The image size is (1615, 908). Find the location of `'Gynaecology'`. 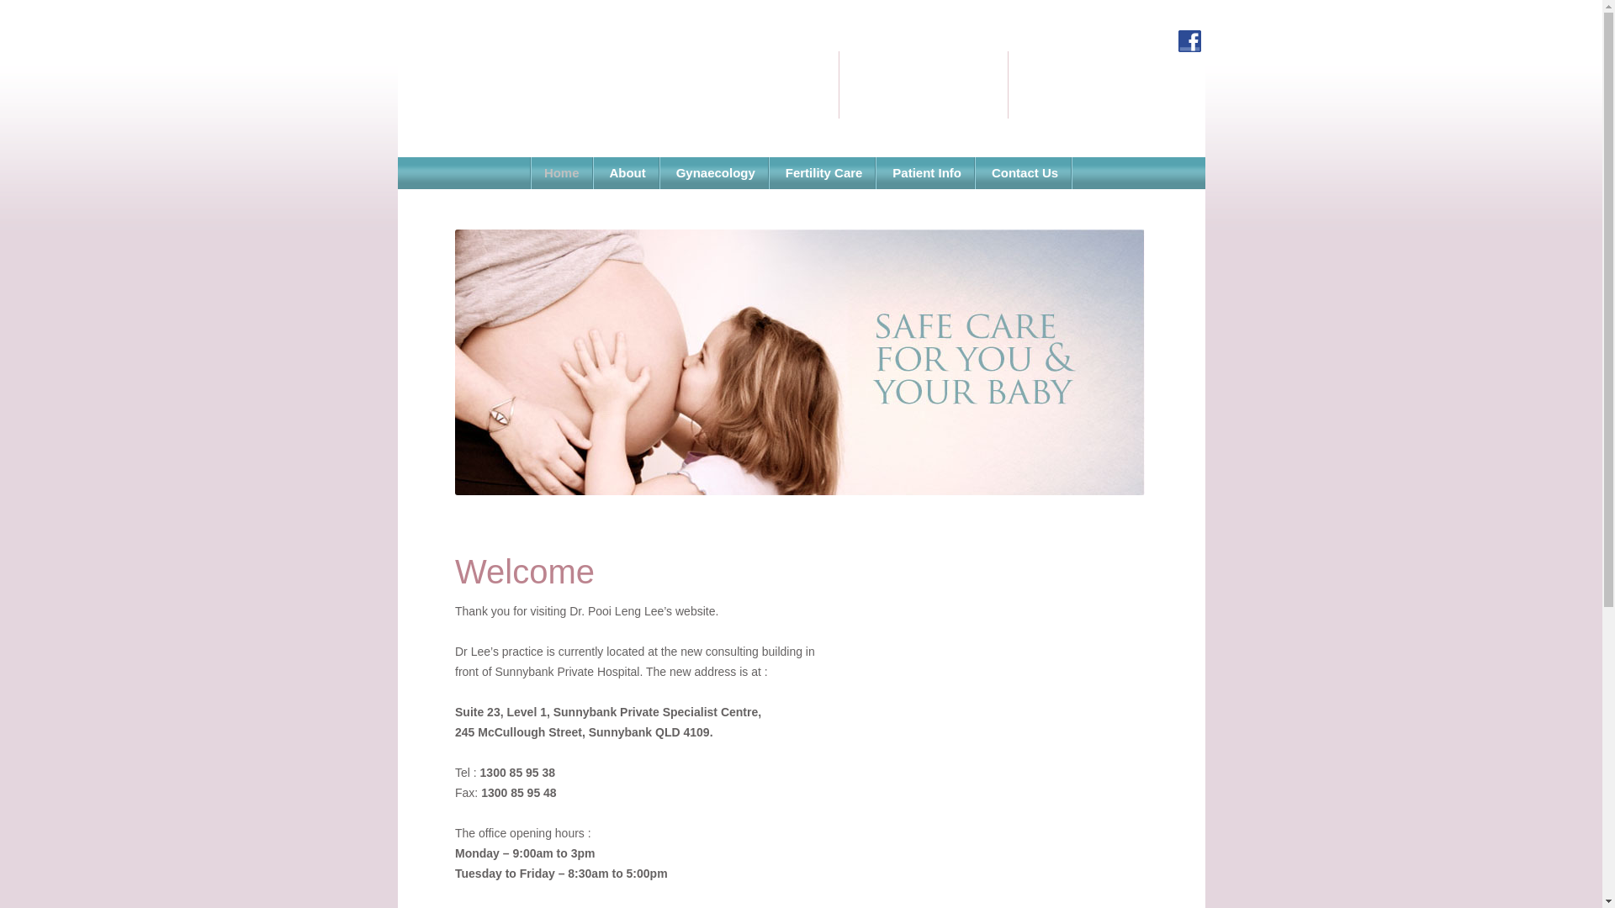

'Gynaecology' is located at coordinates (716, 172).